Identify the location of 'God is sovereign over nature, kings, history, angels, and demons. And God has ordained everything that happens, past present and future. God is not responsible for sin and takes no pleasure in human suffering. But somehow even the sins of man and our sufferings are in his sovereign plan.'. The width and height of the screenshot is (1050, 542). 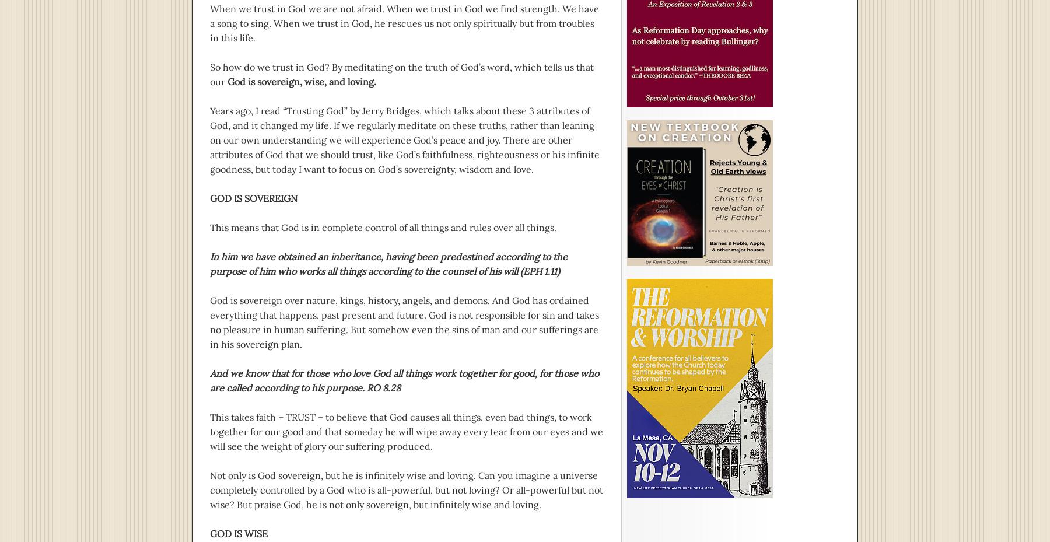
(210, 322).